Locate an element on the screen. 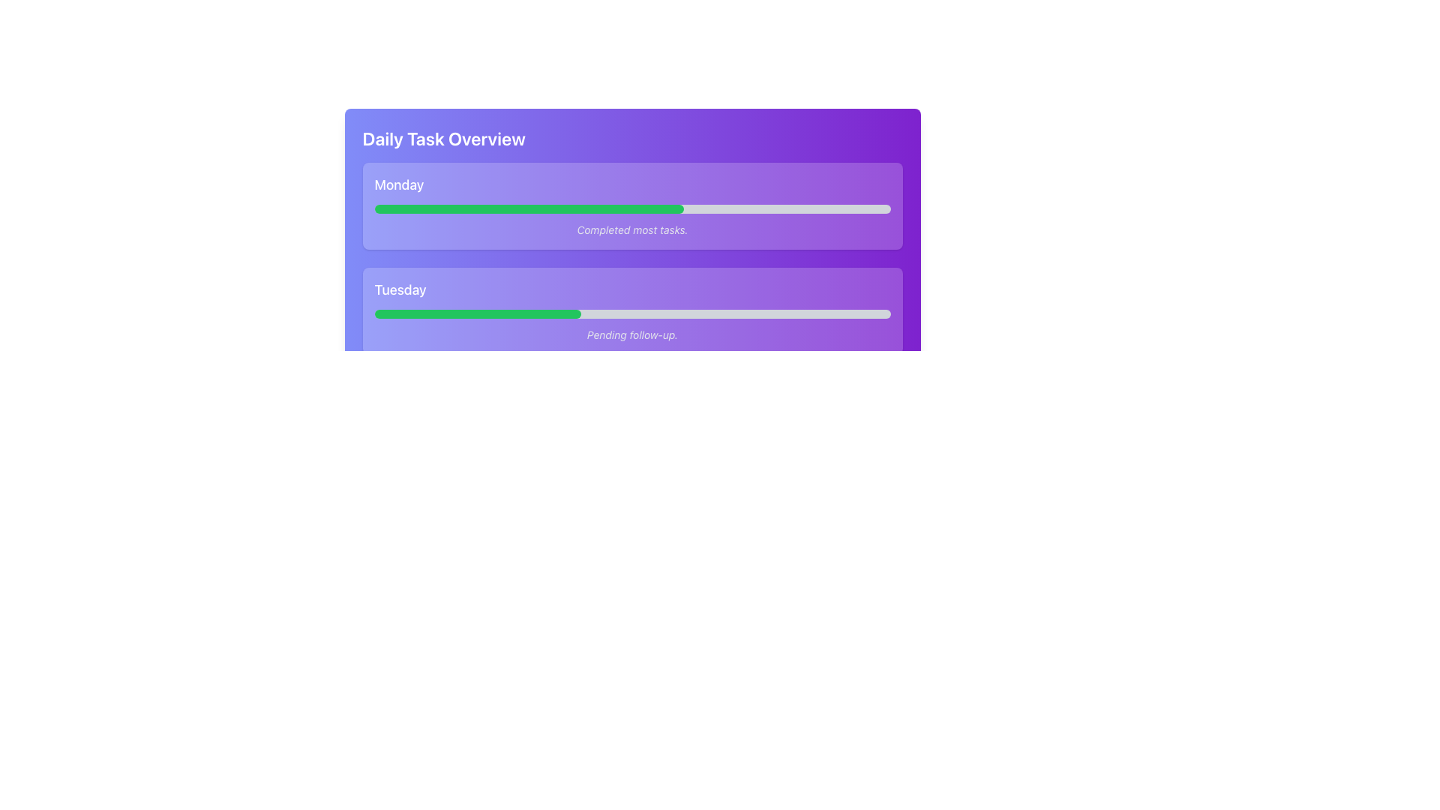 The height and width of the screenshot is (810, 1440). the Progress Bar labeled 'Pending follow-up' in the 'Tuesday' card of the 'Daily Task Overview' section, which is styled with a light gray background and has a green fill indicating 40% completion is located at coordinates (632, 313).